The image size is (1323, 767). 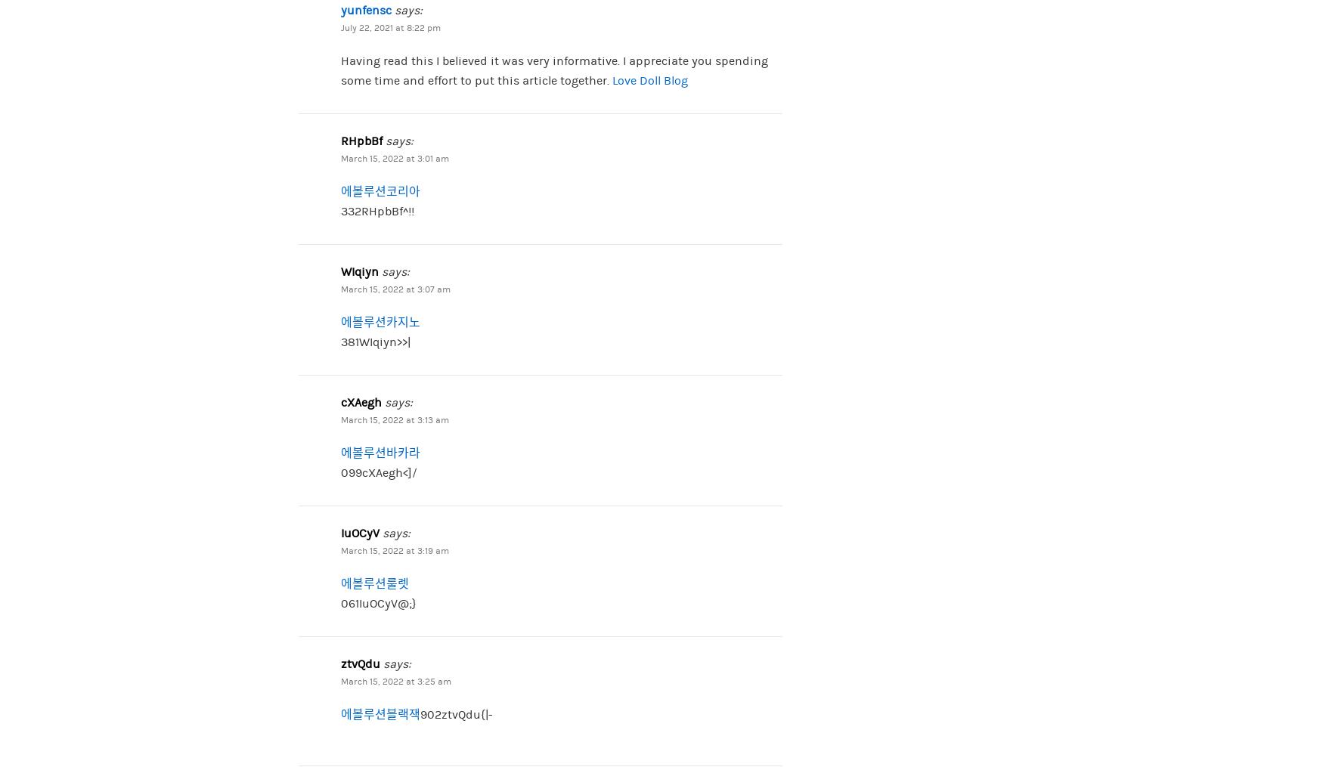 What do you see at coordinates (340, 602) in the screenshot?
I see `'061IuOCyV@;}'` at bounding box center [340, 602].